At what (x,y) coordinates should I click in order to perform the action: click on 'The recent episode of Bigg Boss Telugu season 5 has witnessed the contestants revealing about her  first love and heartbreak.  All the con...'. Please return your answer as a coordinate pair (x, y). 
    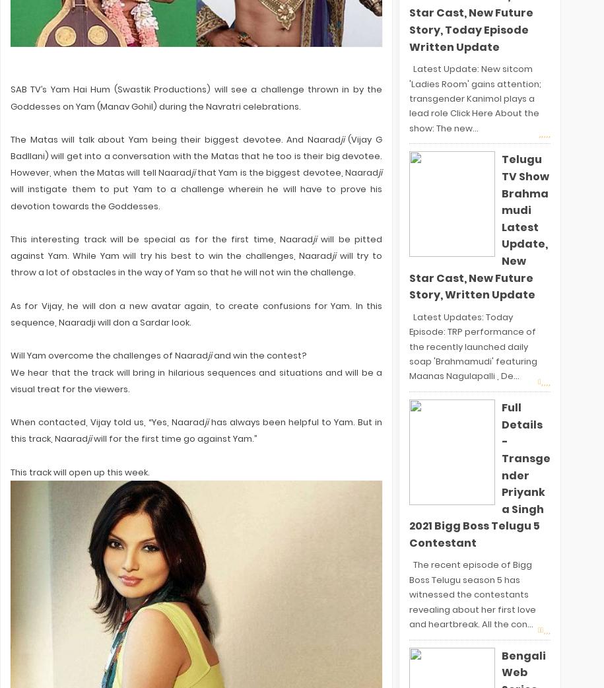
    Looking at the image, I should click on (471, 594).